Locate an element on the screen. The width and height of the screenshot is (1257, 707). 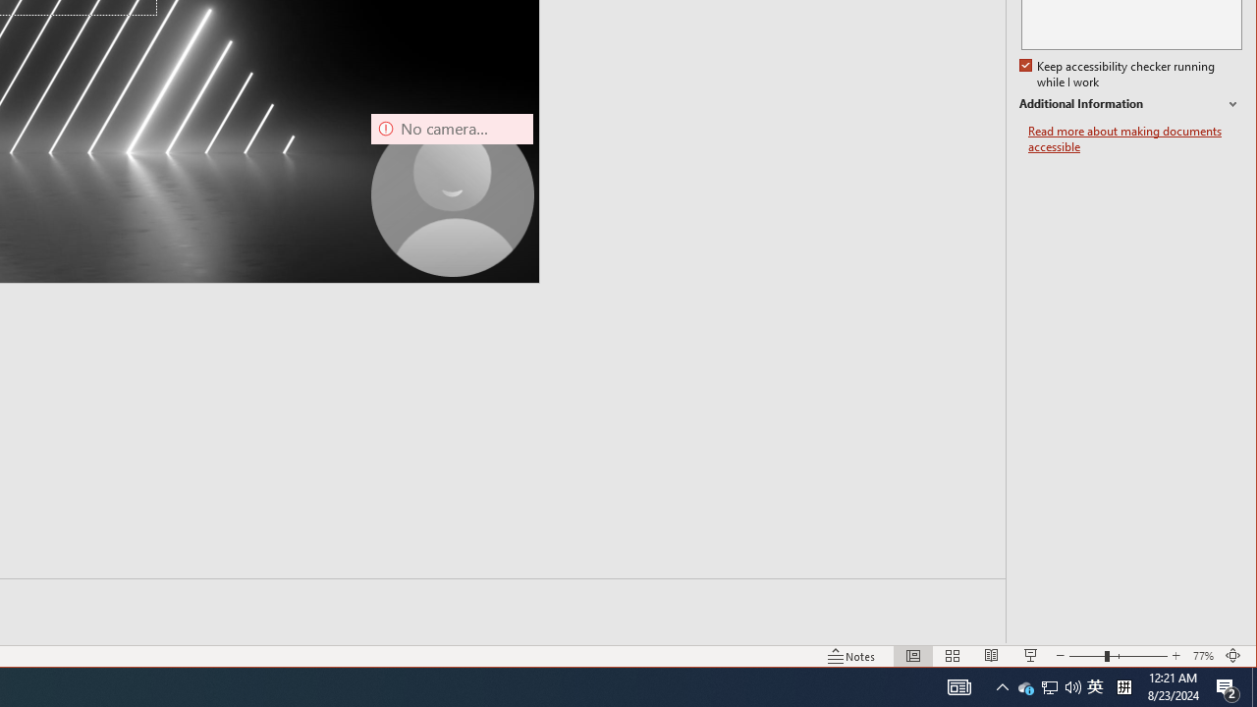
'Zoom 77%' is located at coordinates (1202, 656).